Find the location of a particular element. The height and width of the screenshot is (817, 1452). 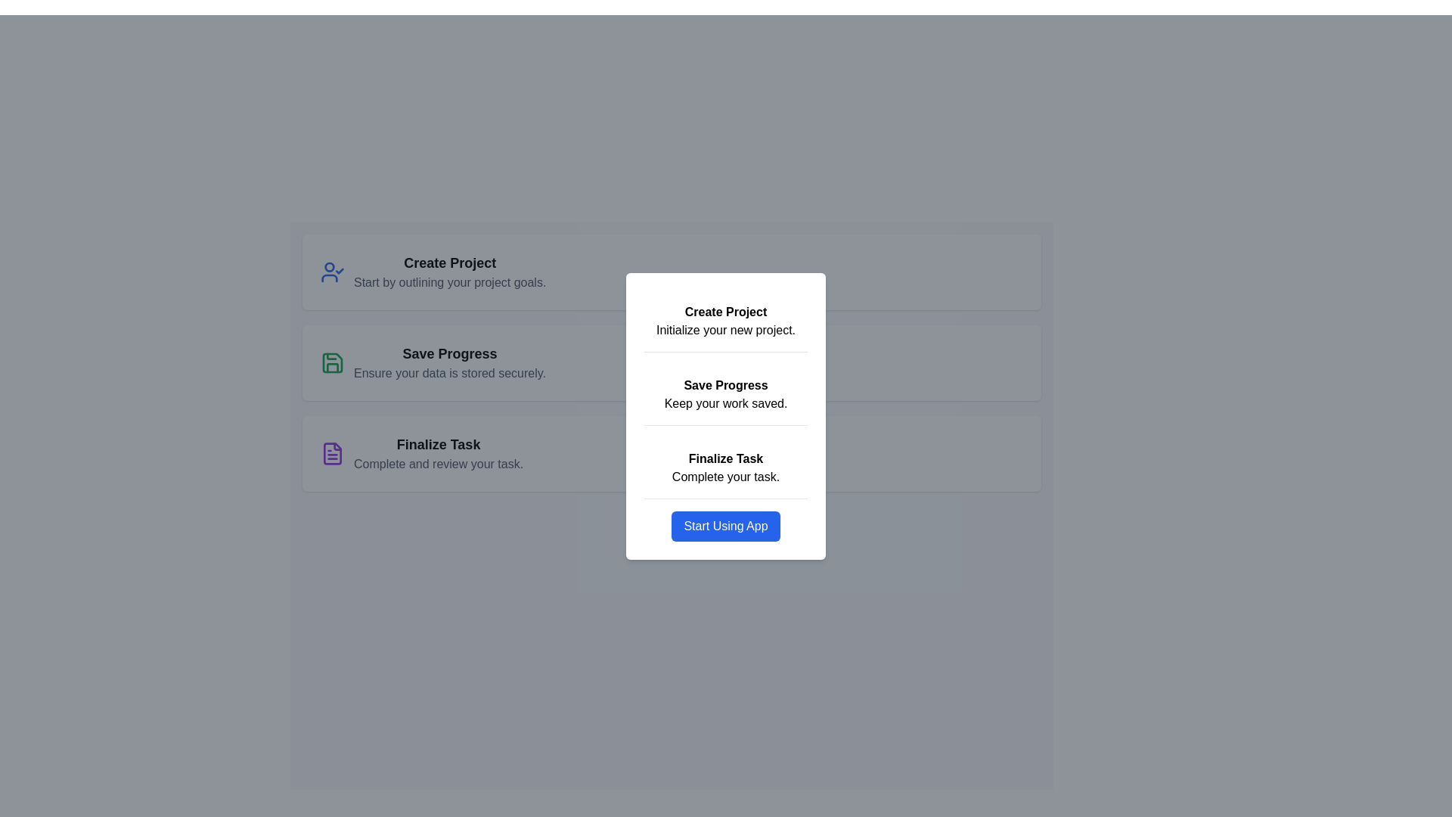

the text label displaying 'Keep your work saved.' located in the 'Save Progress' section, positioned below the bolded heading is located at coordinates (726, 402).